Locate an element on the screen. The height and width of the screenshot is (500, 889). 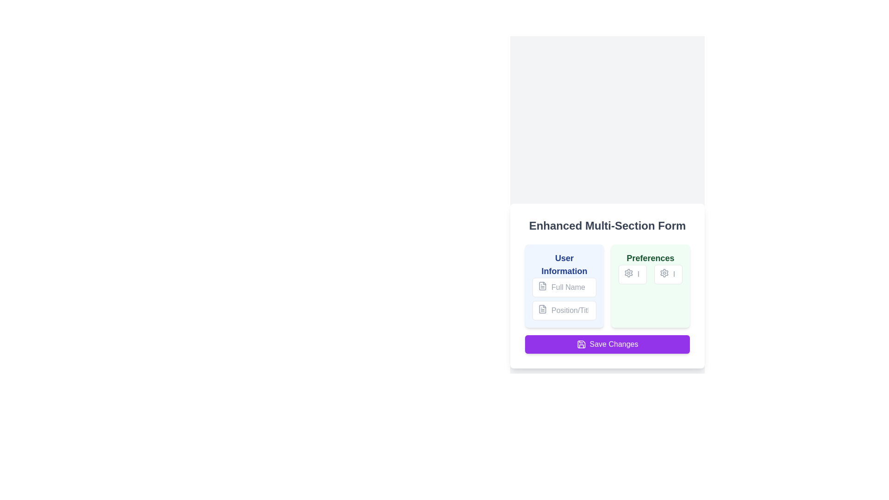
the settings icon, which is a light gray cog or gear located in the Preferences section of the form is located at coordinates (629, 273).